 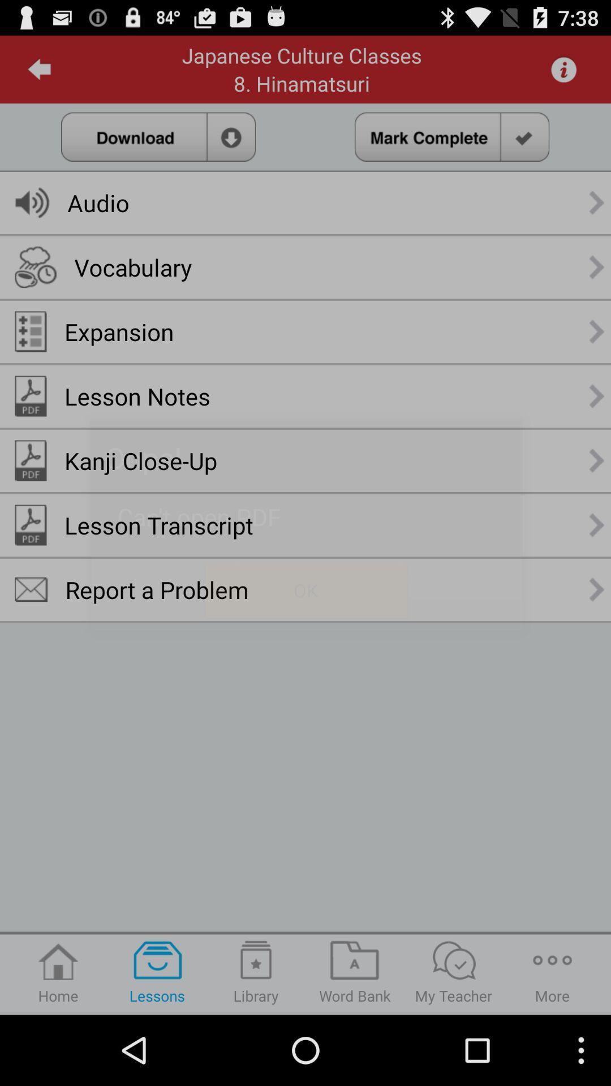 What do you see at coordinates (39, 69) in the screenshot?
I see `the item next to the japanese culture classes` at bounding box center [39, 69].